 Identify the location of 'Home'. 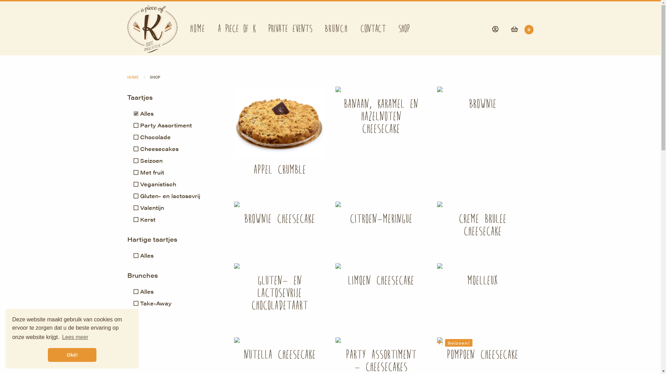
(197, 29).